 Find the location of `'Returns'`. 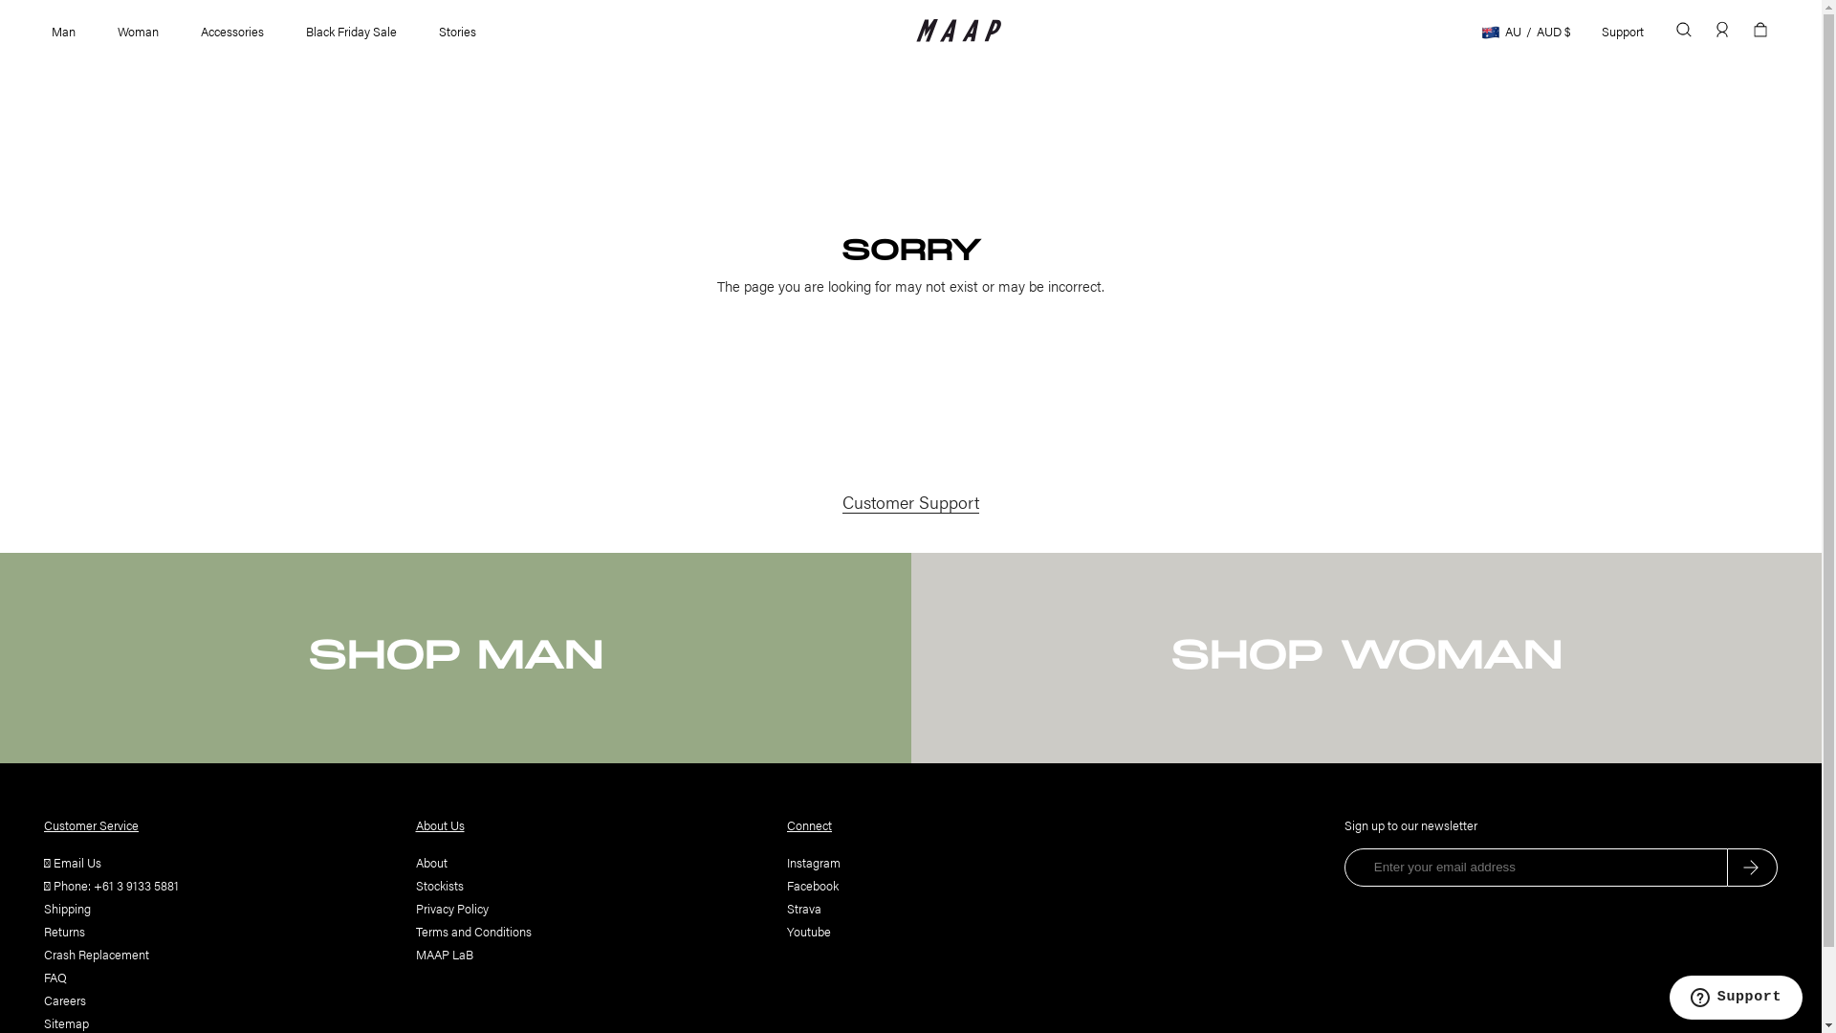

'Returns' is located at coordinates (64, 930).